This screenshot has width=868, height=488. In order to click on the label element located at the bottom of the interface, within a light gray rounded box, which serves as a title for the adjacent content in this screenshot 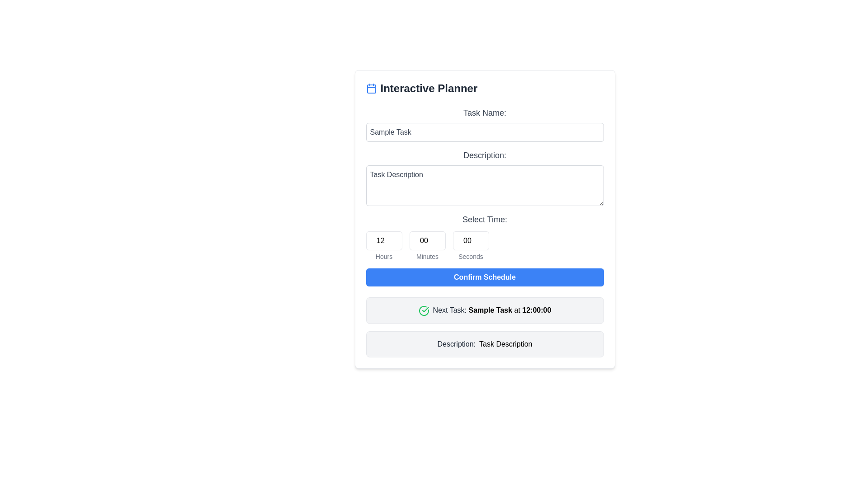, I will do `click(456, 344)`.